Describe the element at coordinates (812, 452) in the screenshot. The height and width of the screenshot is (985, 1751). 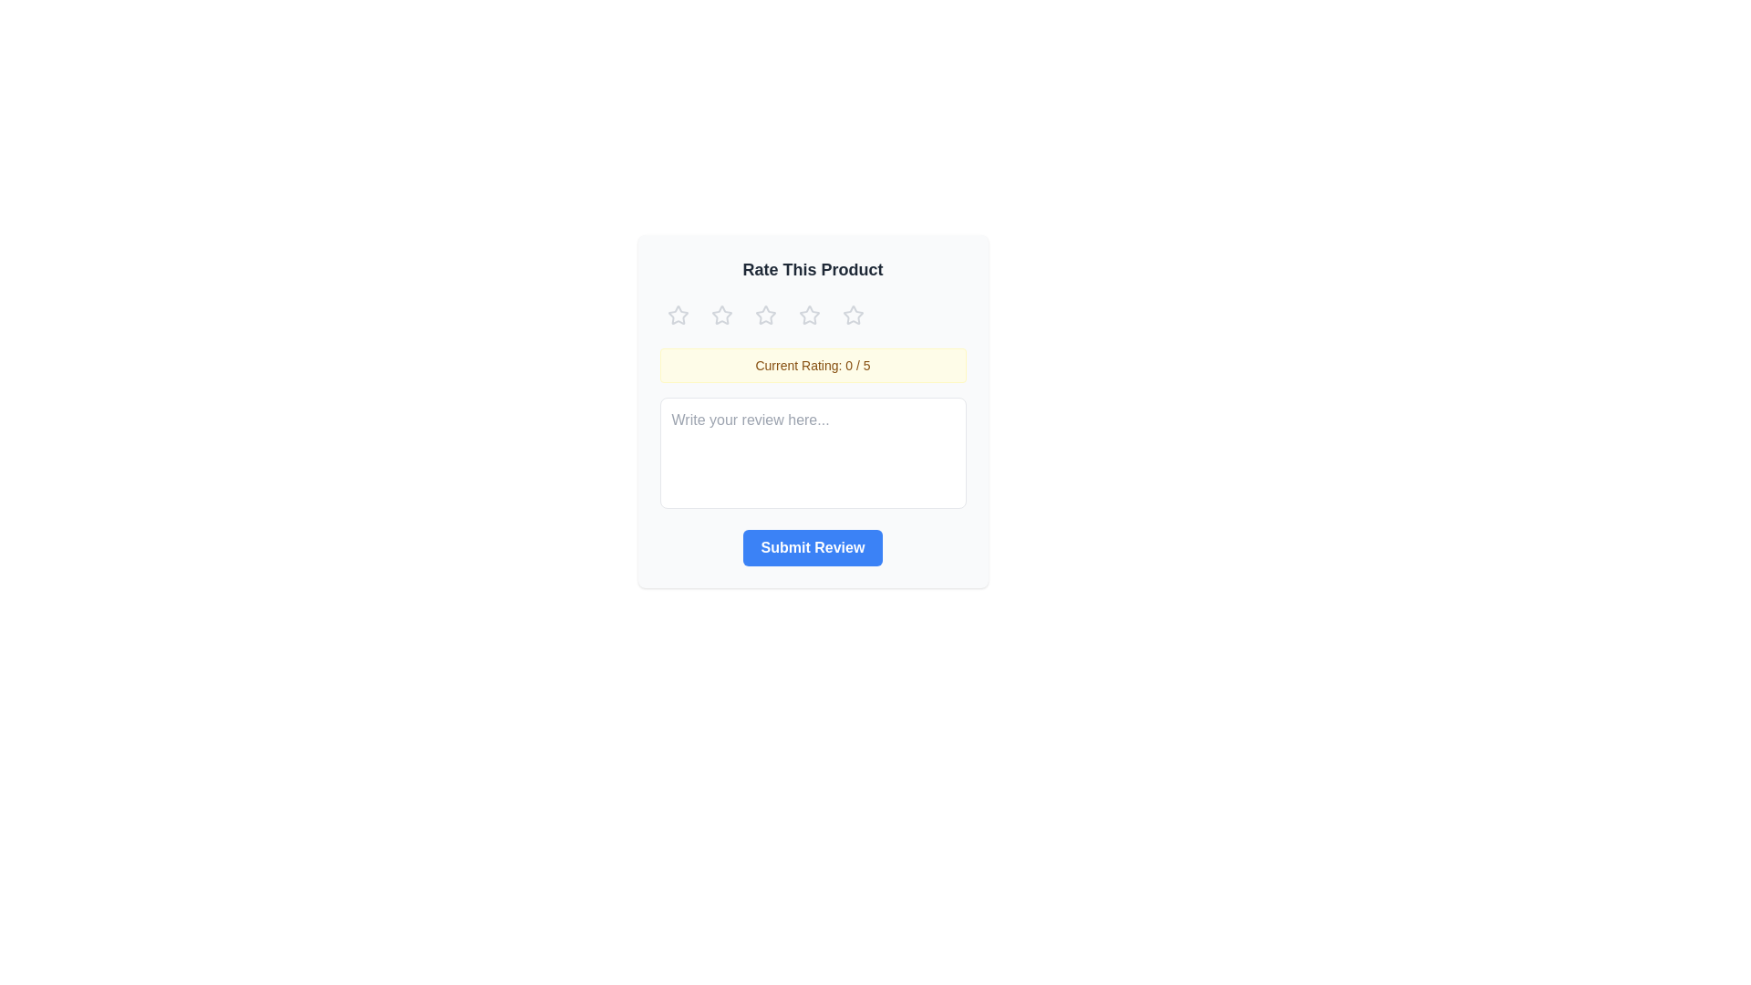
I see `the text area and type a review` at that location.